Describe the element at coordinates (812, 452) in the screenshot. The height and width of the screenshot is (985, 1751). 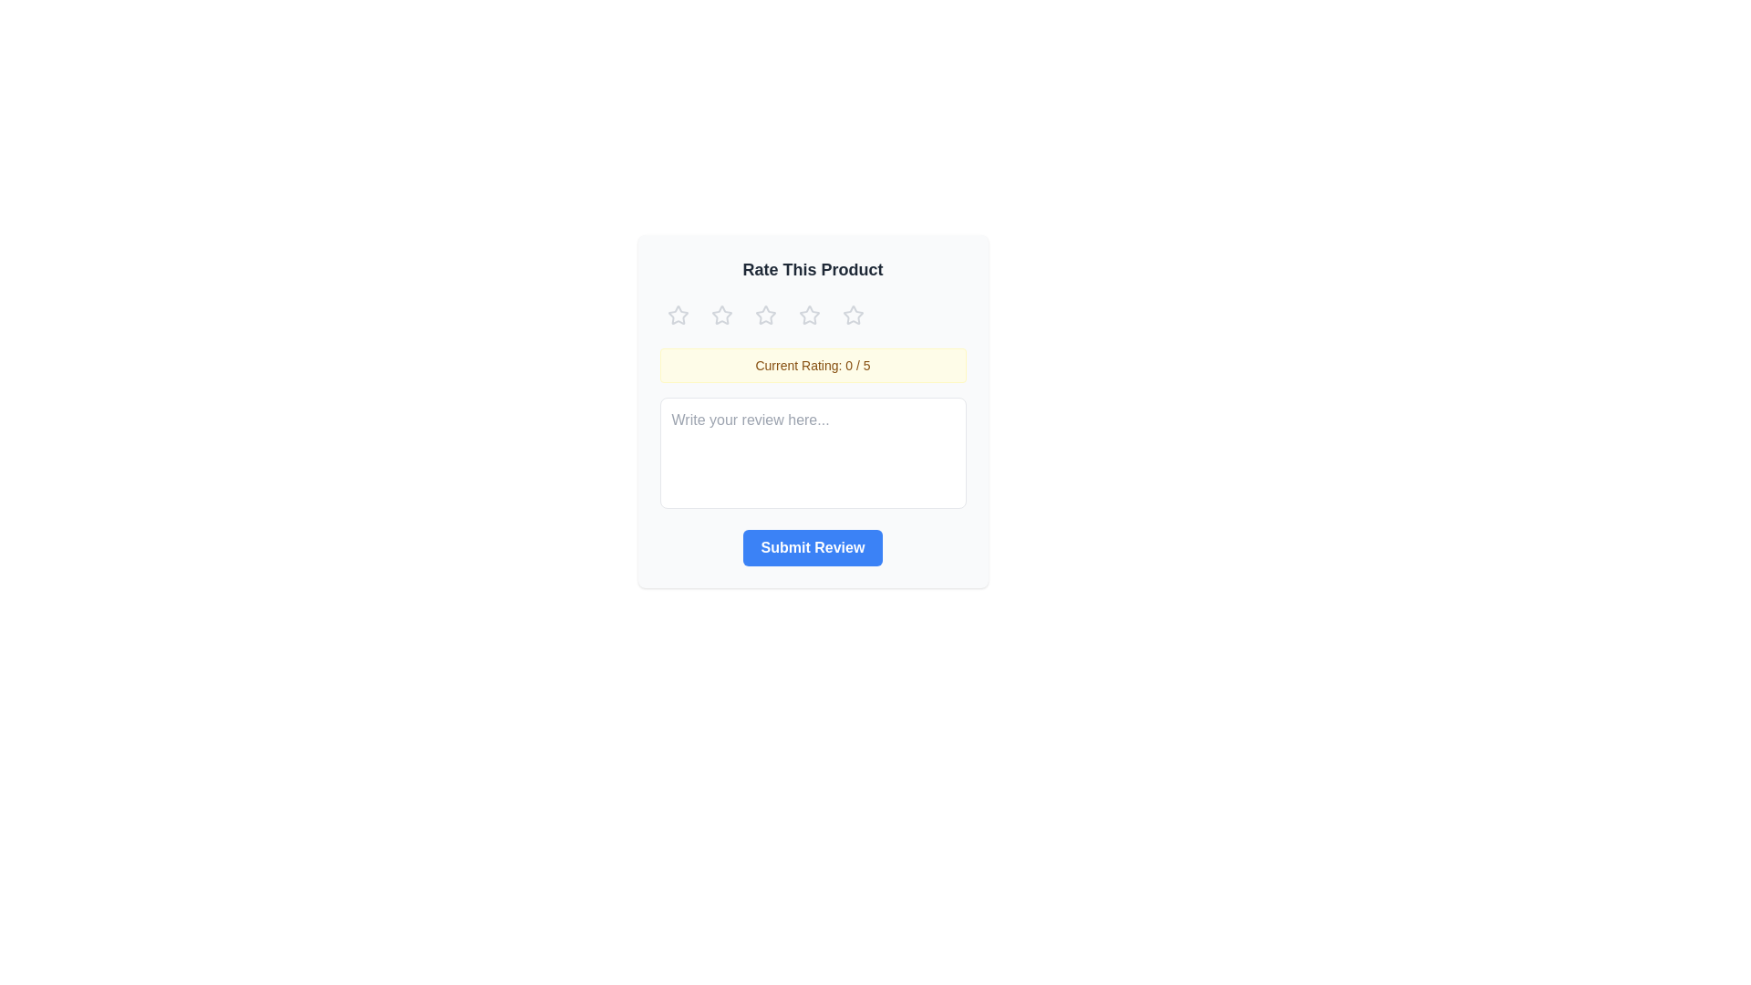
I see `the text area and type a review` at that location.